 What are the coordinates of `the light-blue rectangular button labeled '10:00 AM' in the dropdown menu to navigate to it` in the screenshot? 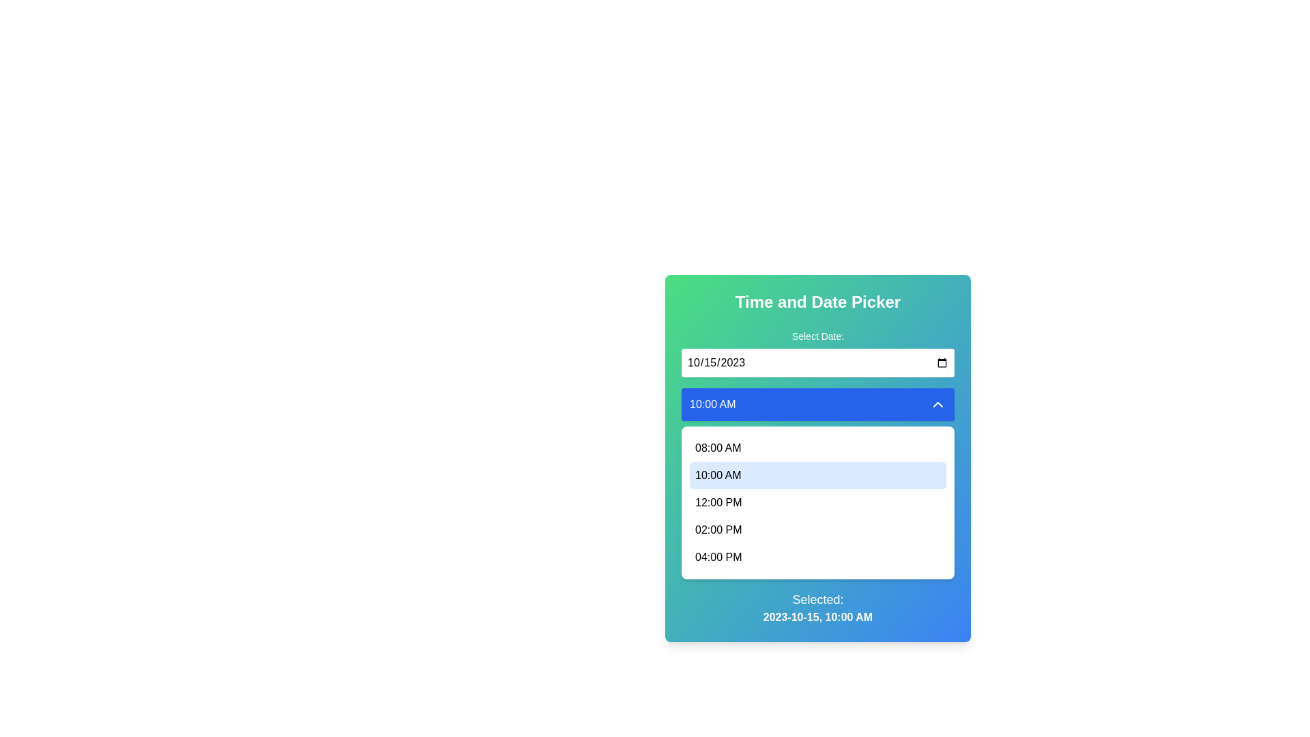 It's located at (818, 483).